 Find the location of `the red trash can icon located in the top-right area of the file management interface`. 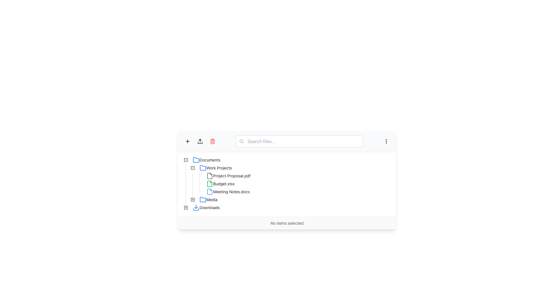

the red trash can icon located in the top-right area of the file management interface is located at coordinates (212, 141).